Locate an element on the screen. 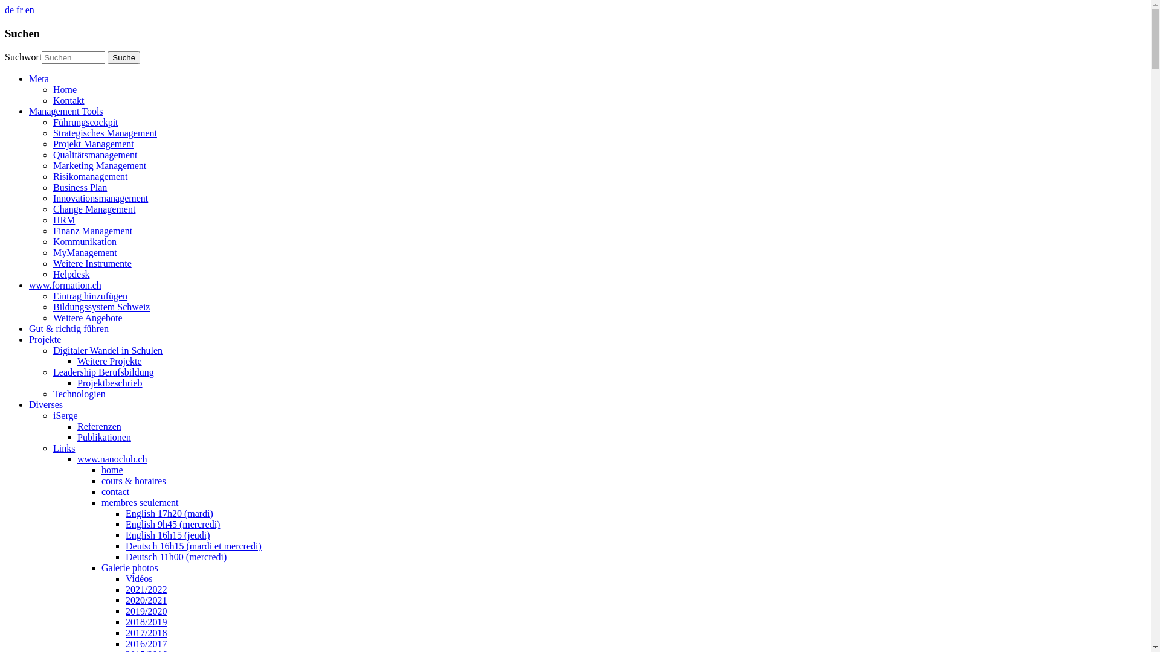 Image resolution: width=1160 pixels, height=652 pixels. 'Digitaler Wandel in Schulen' is located at coordinates (108, 350).